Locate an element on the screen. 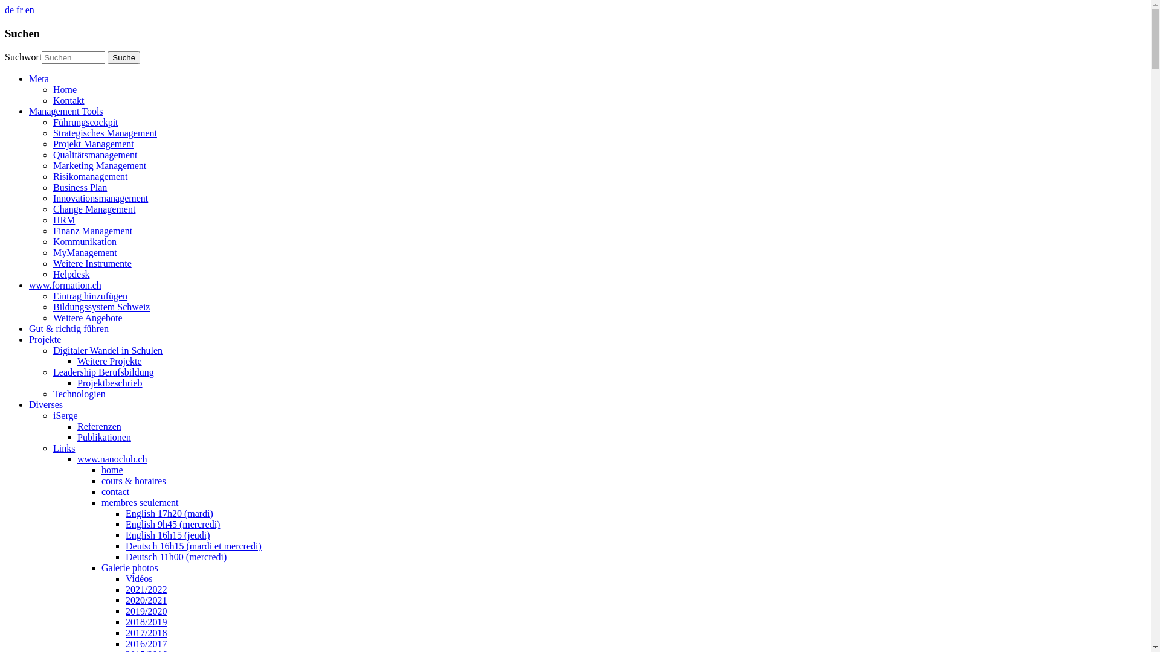 Image resolution: width=1160 pixels, height=652 pixels. 'Digitaler Wandel in Schulen' is located at coordinates (108, 350).